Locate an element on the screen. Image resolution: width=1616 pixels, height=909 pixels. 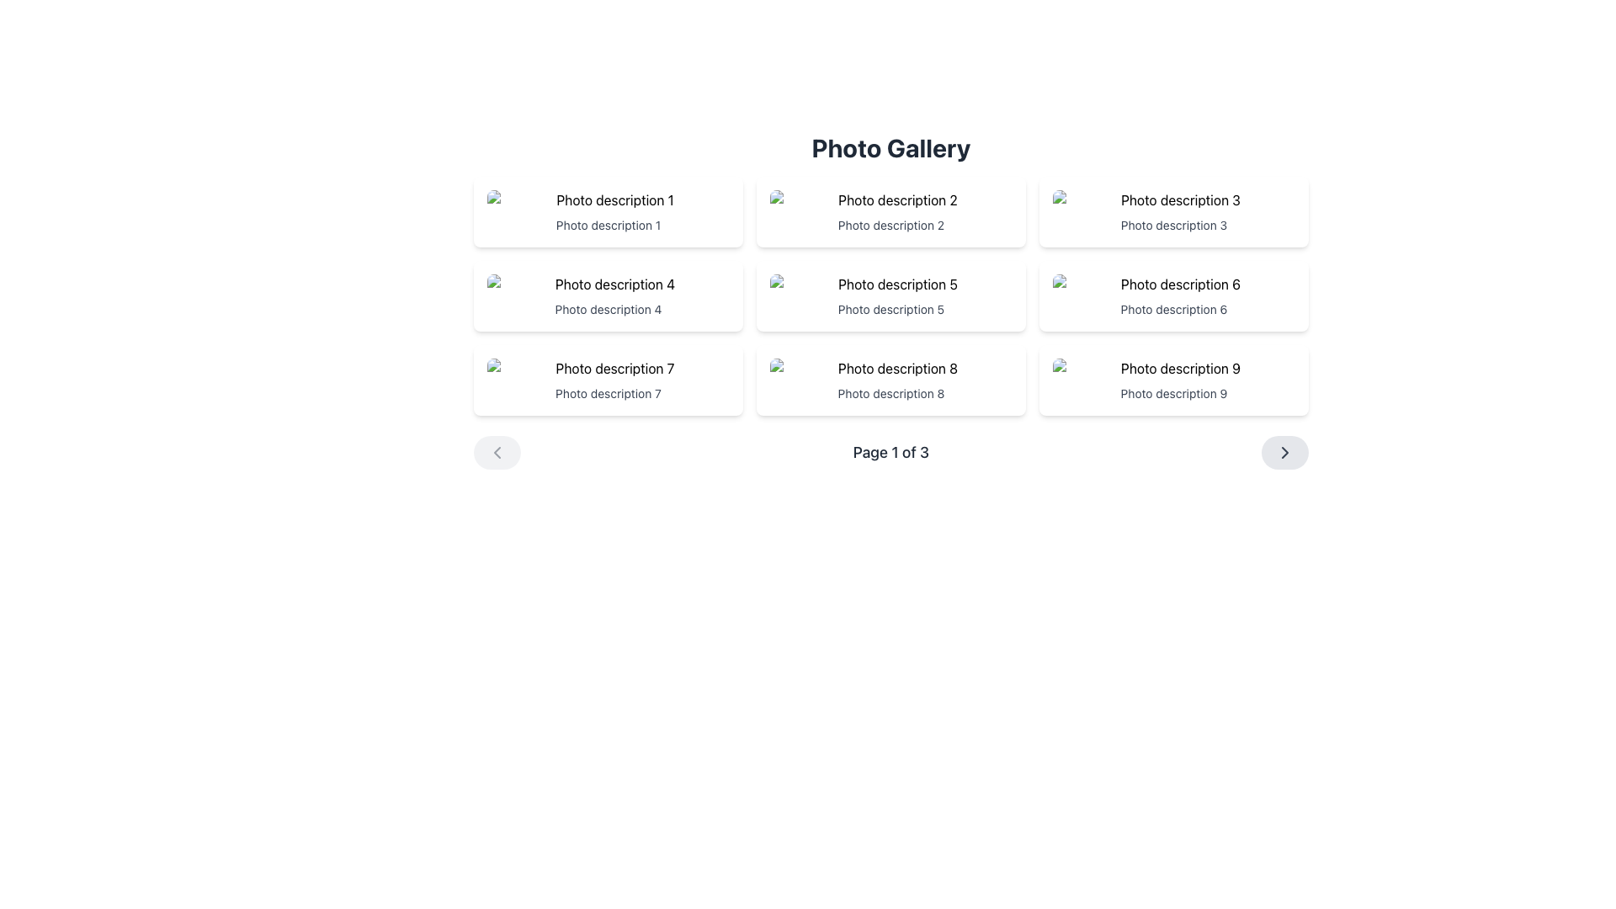
the rectangular image element with rounded corners that contains the 'Image Placeholder' graphic and the text 'Photo 2', located in the second card of the first row in the 'Photo Gallery' is located at coordinates (890, 199).